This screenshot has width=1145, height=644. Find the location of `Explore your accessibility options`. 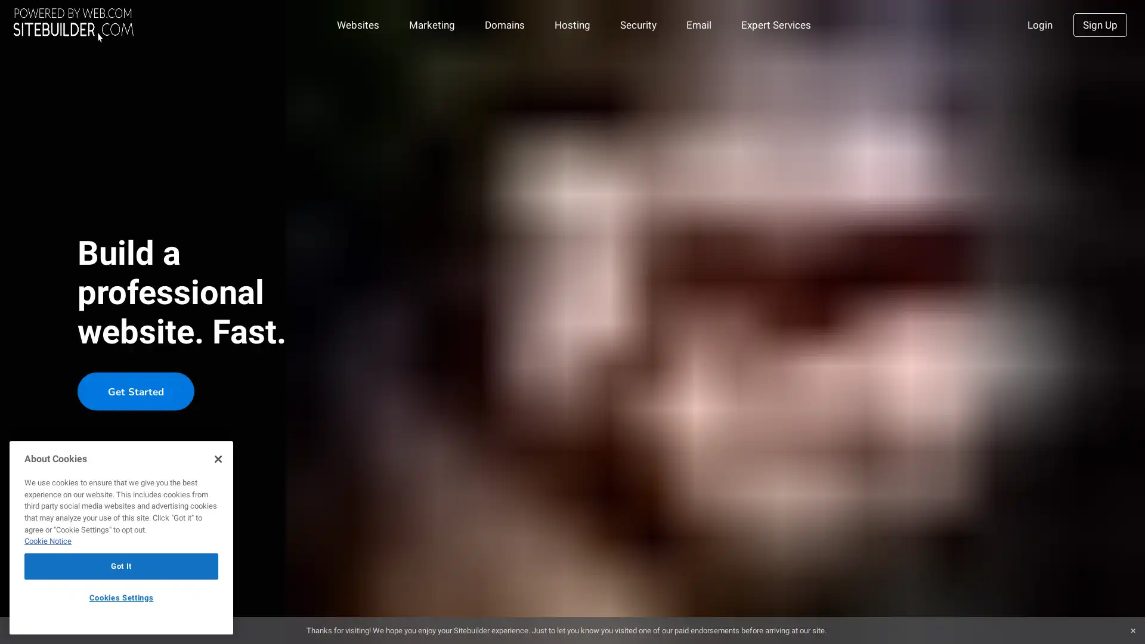

Explore your accessibility options is located at coordinates (1125, 583).